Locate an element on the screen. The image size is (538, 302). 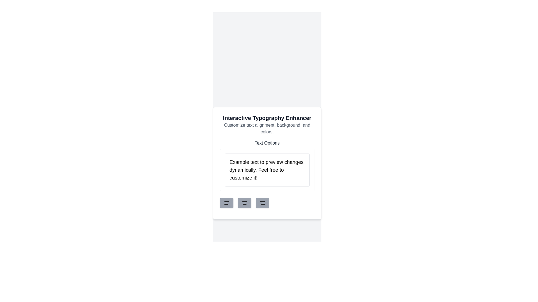
the left alignment button, which is the first button in a horizontal group of three buttons located below the text input field, to apply left alignment is located at coordinates (227, 203).